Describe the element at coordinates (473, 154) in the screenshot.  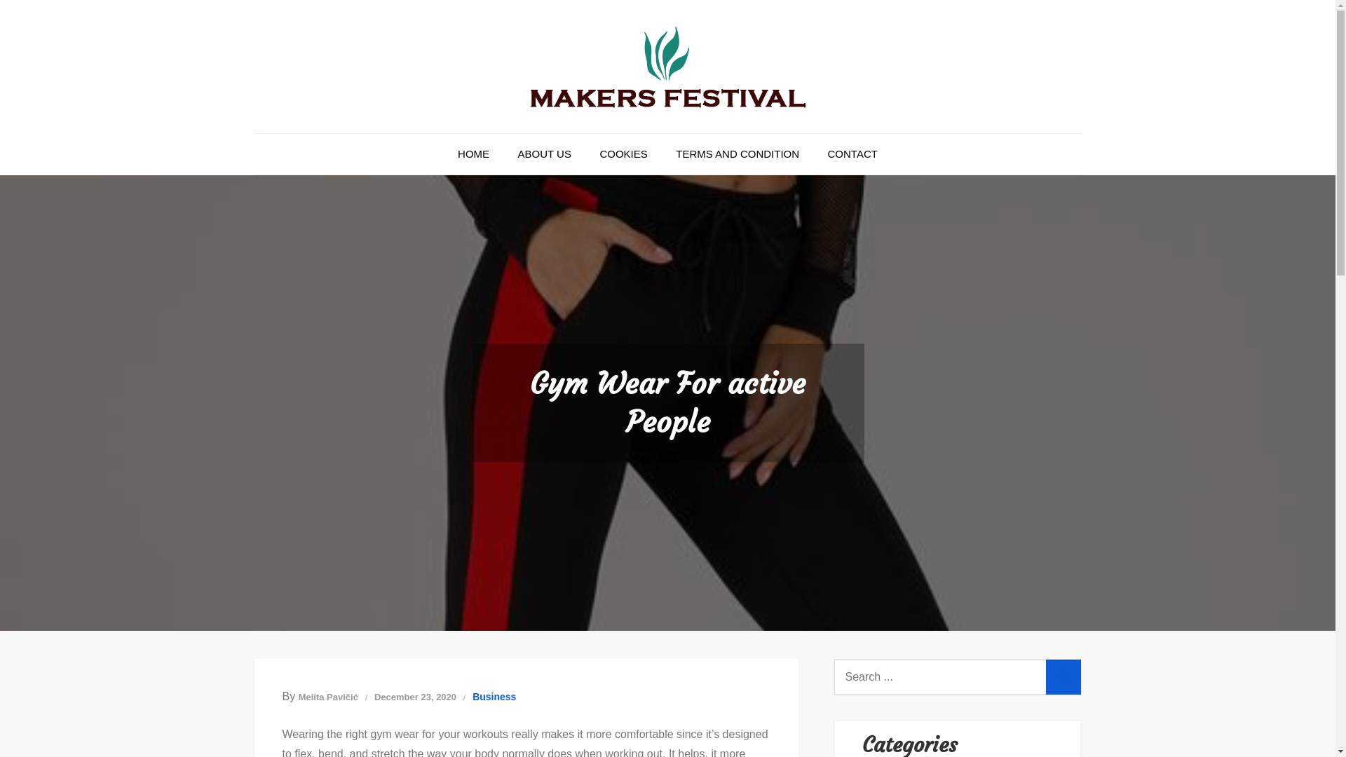
I see `'HOME'` at that location.